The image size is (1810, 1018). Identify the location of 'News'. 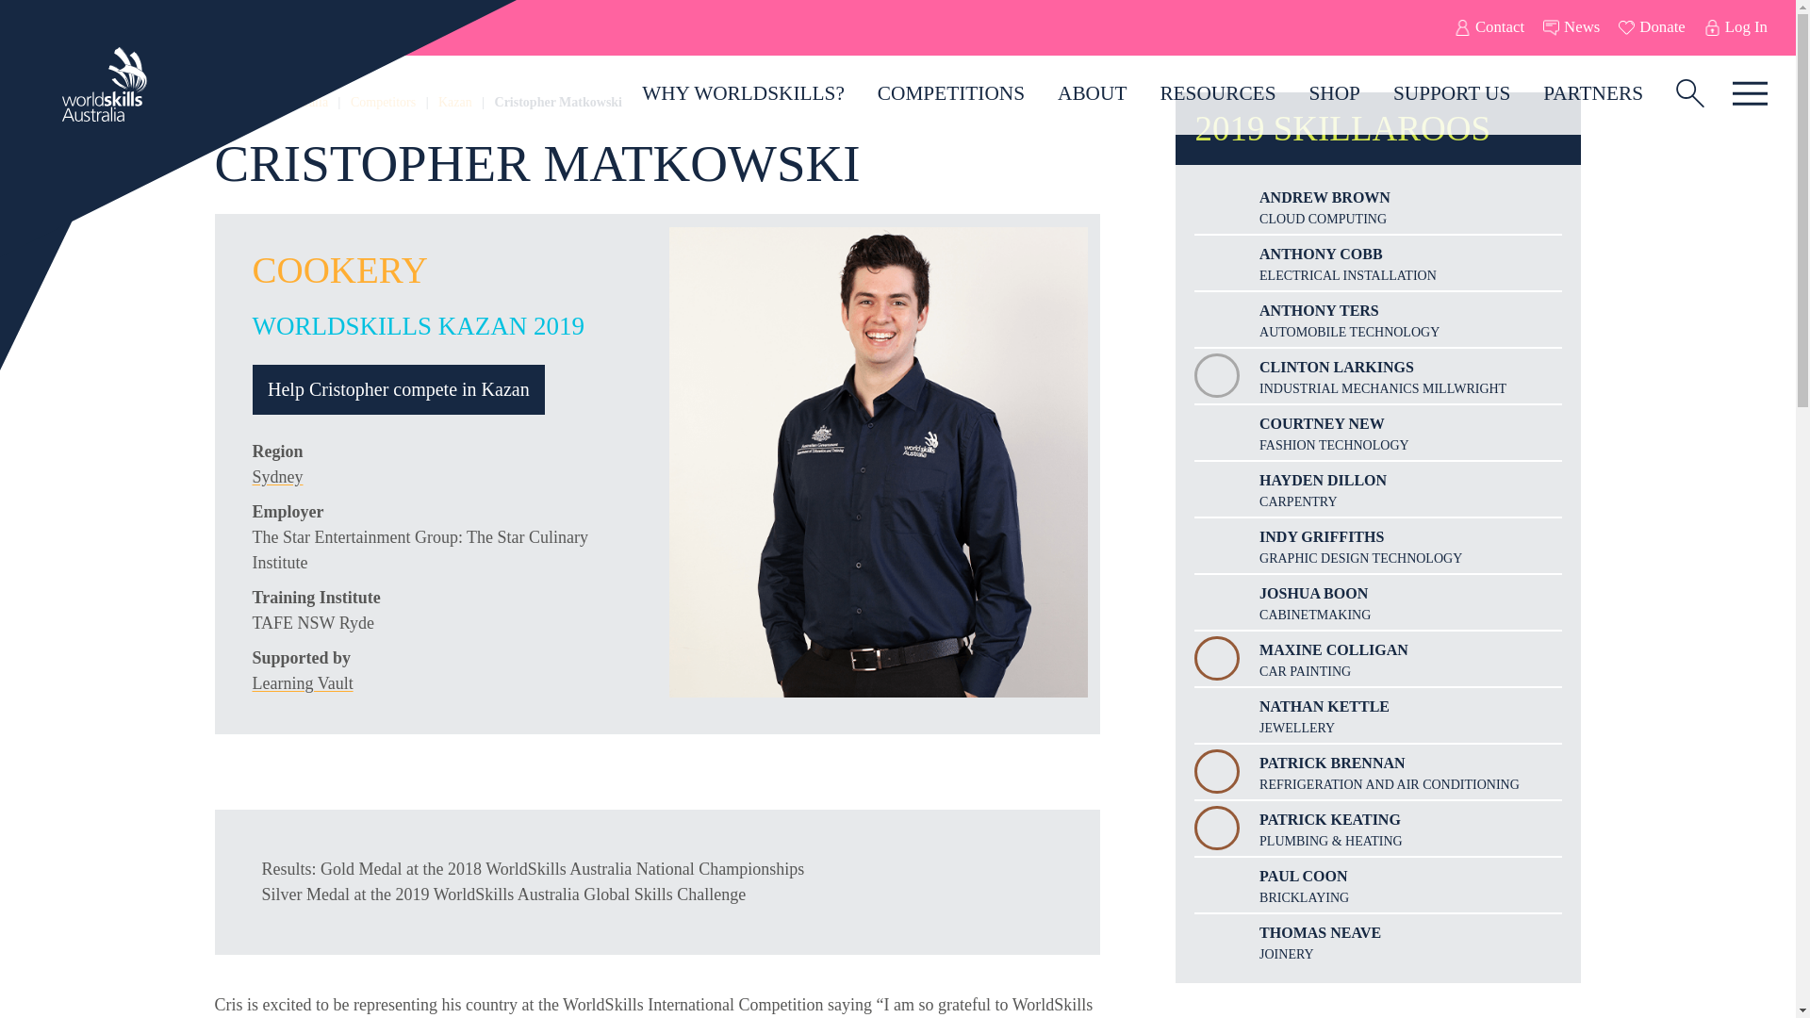
(1571, 27).